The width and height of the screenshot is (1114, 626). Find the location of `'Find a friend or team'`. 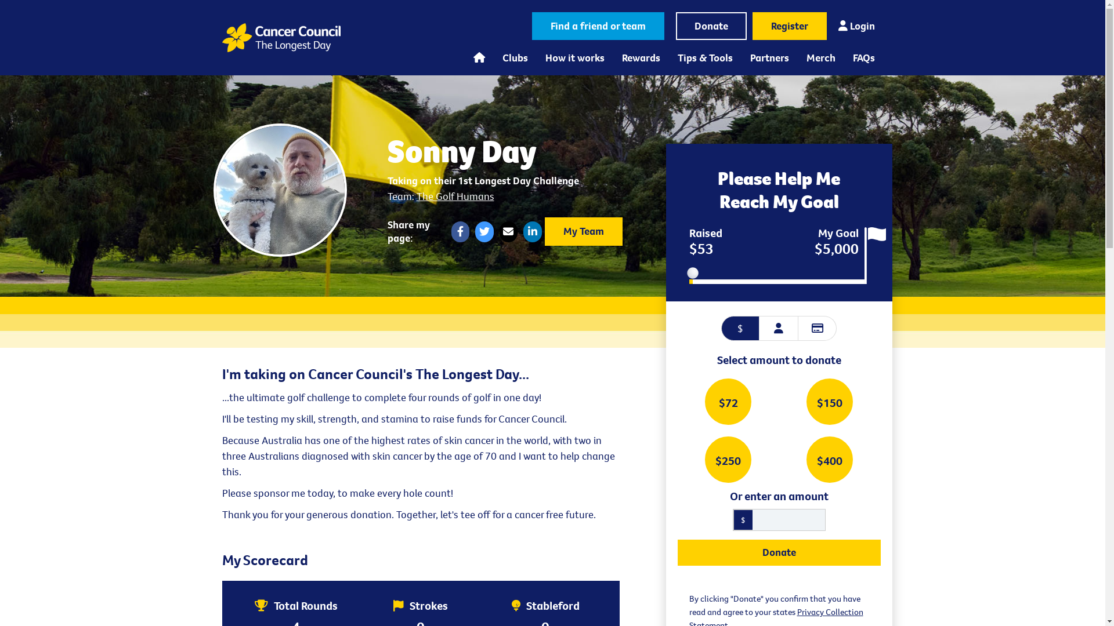

'Find a friend or team' is located at coordinates (531, 26).